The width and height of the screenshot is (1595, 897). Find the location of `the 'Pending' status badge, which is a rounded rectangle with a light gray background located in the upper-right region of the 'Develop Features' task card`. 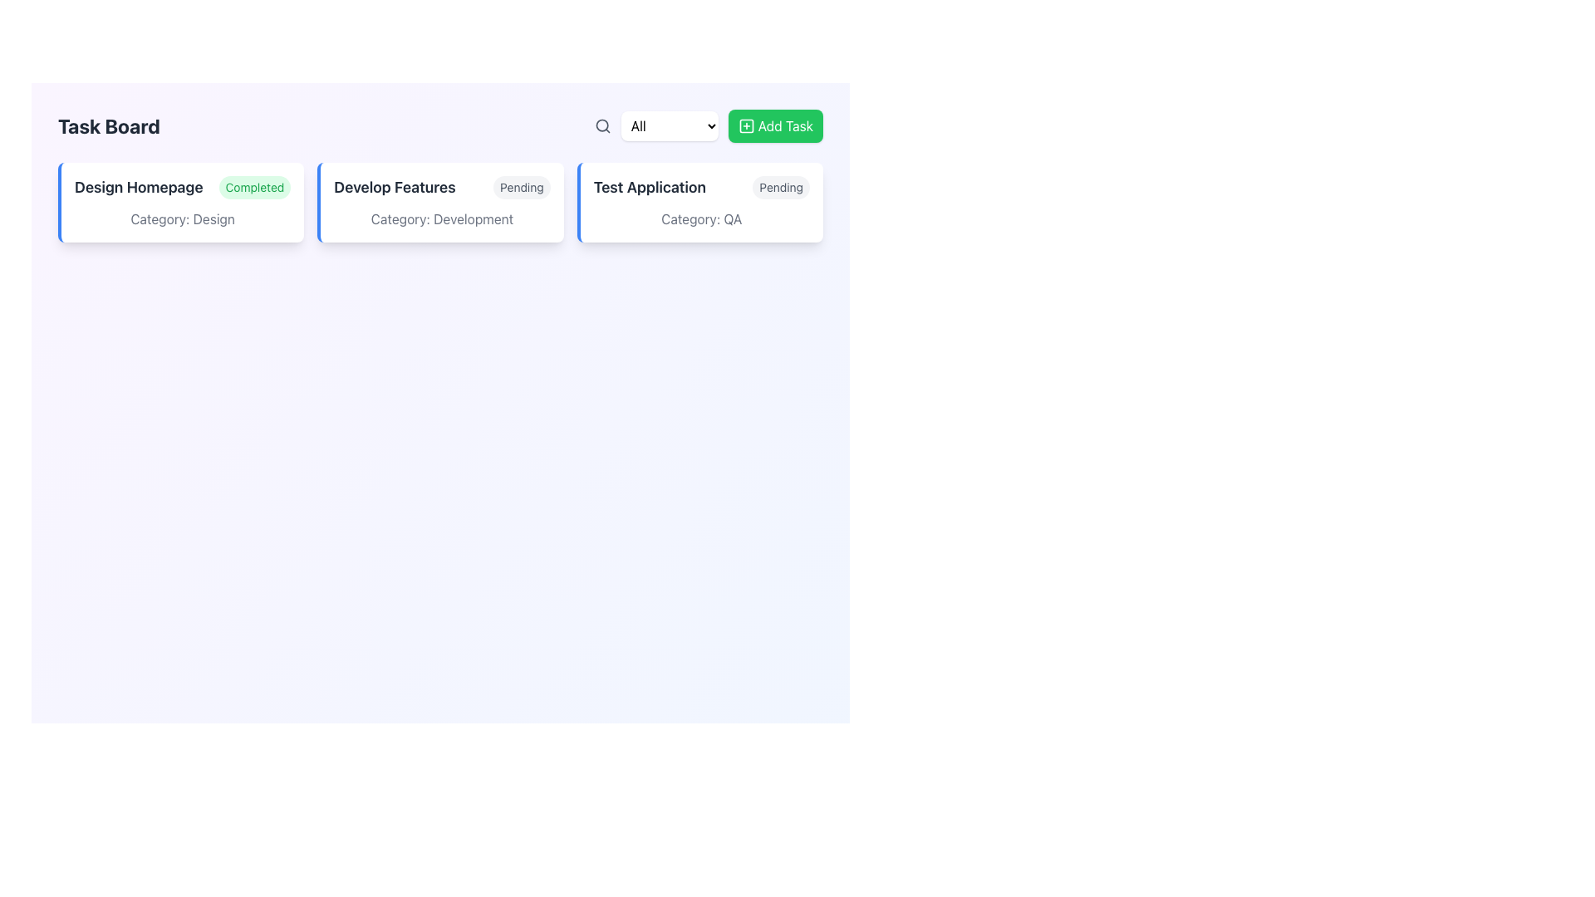

the 'Pending' status badge, which is a rounded rectangle with a light gray background located in the upper-right region of the 'Develop Features' task card is located at coordinates (521, 187).